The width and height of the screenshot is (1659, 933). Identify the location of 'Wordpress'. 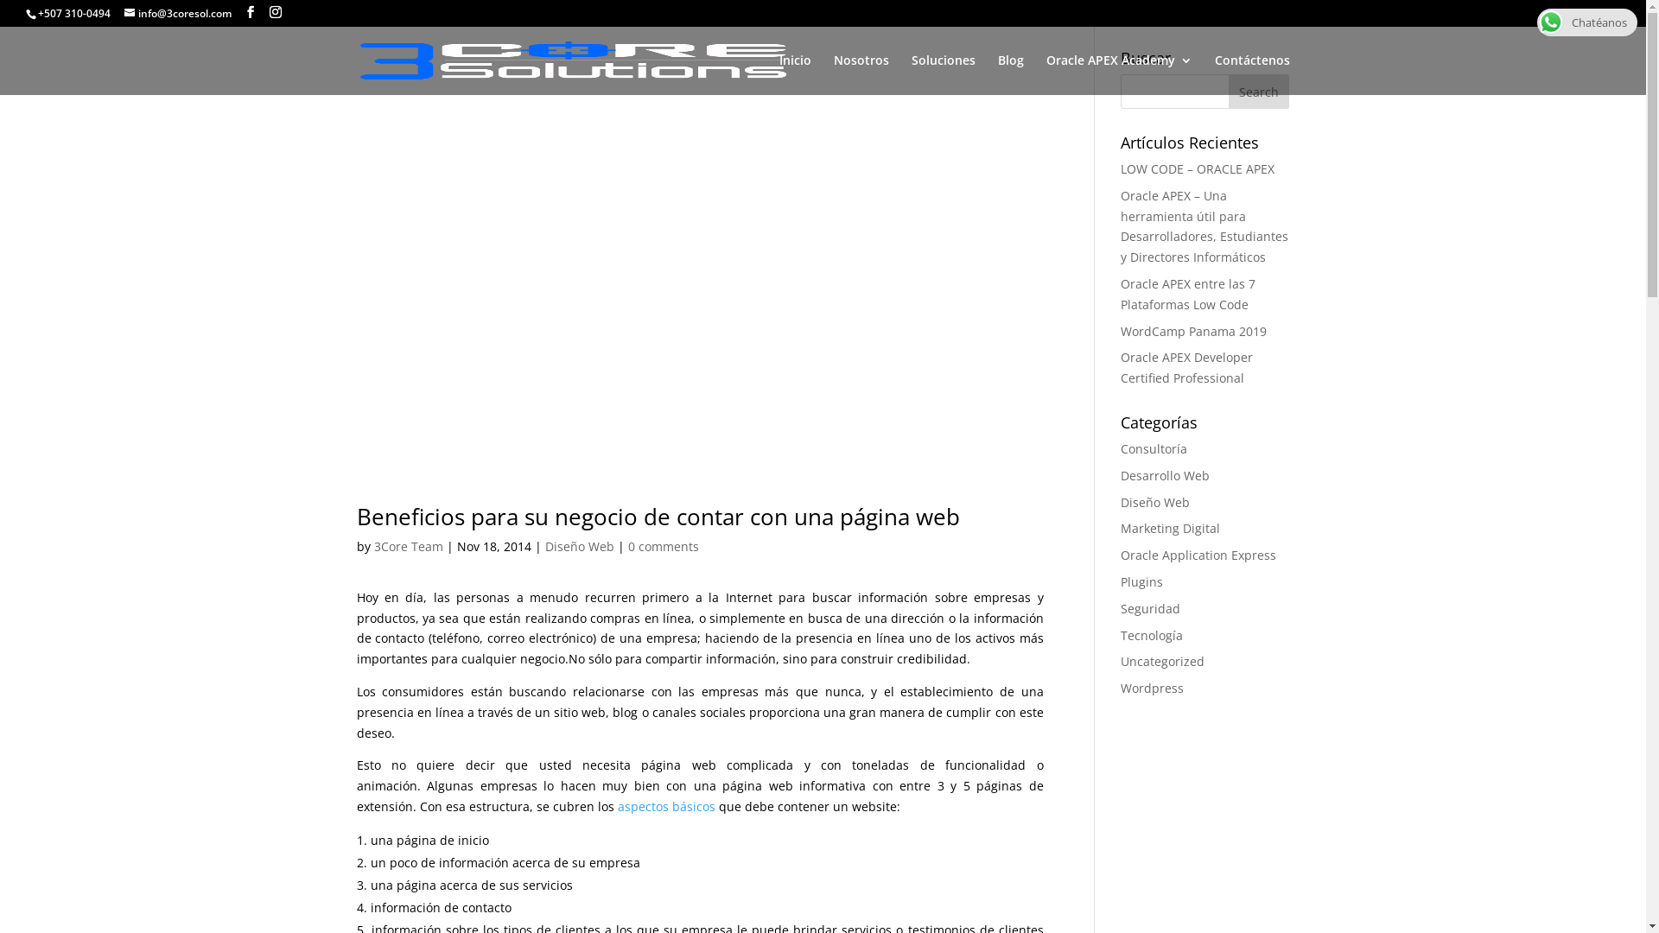
(1152, 687).